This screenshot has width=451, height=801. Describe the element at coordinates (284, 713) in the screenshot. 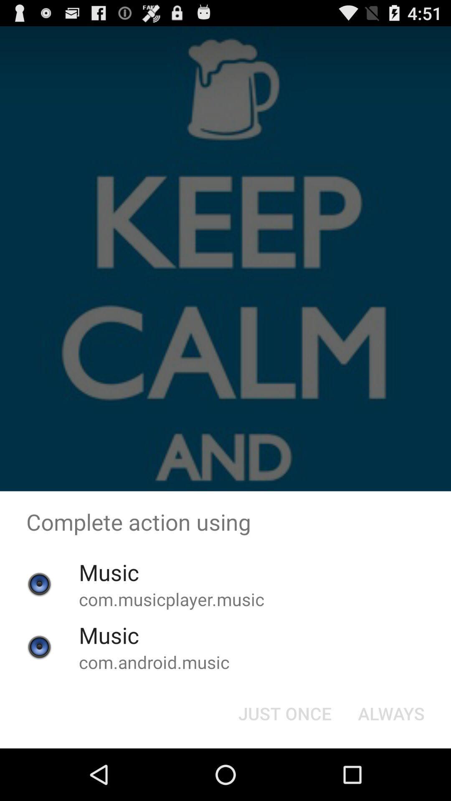

I see `the just once item` at that location.